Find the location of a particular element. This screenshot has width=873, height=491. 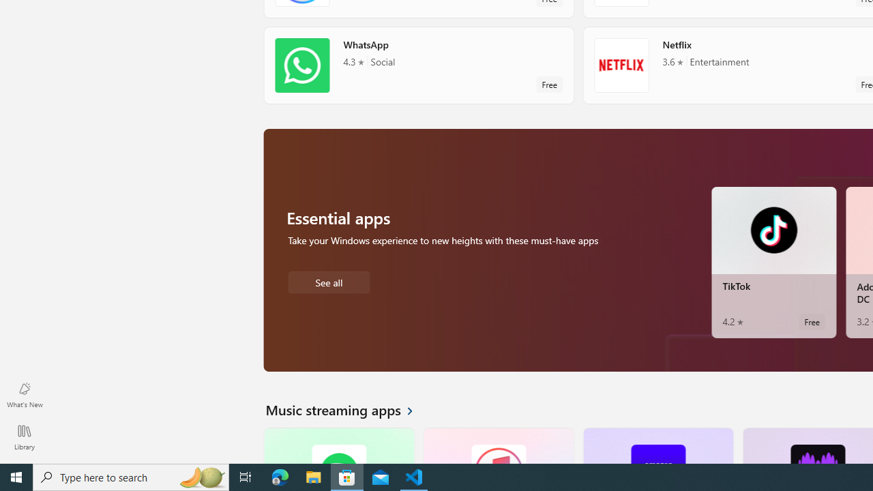

'What' is located at coordinates (24, 394).